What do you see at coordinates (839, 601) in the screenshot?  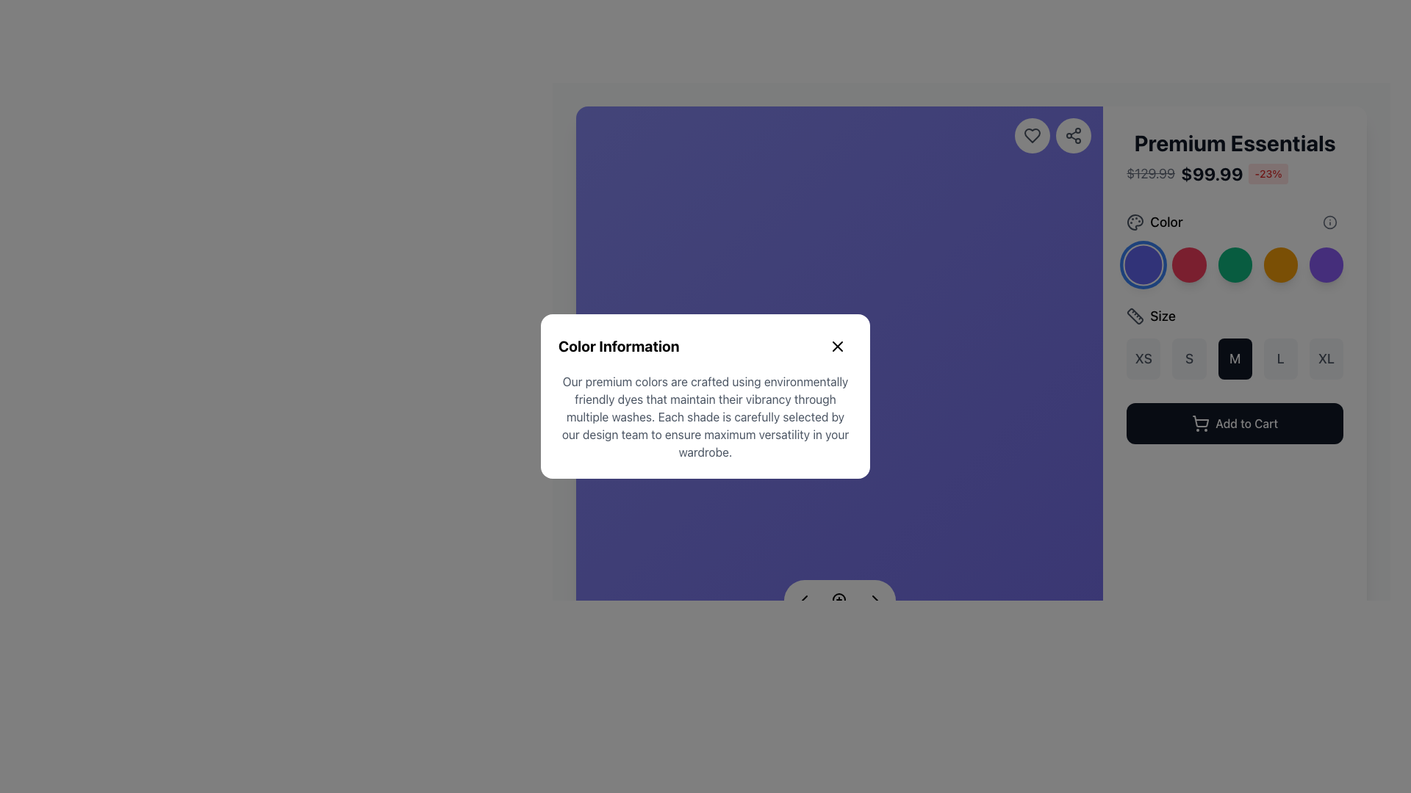 I see `the zoom-in SVG icon located at the bottom center of the interface, which is part of a circular button control` at bounding box center [839, 601].